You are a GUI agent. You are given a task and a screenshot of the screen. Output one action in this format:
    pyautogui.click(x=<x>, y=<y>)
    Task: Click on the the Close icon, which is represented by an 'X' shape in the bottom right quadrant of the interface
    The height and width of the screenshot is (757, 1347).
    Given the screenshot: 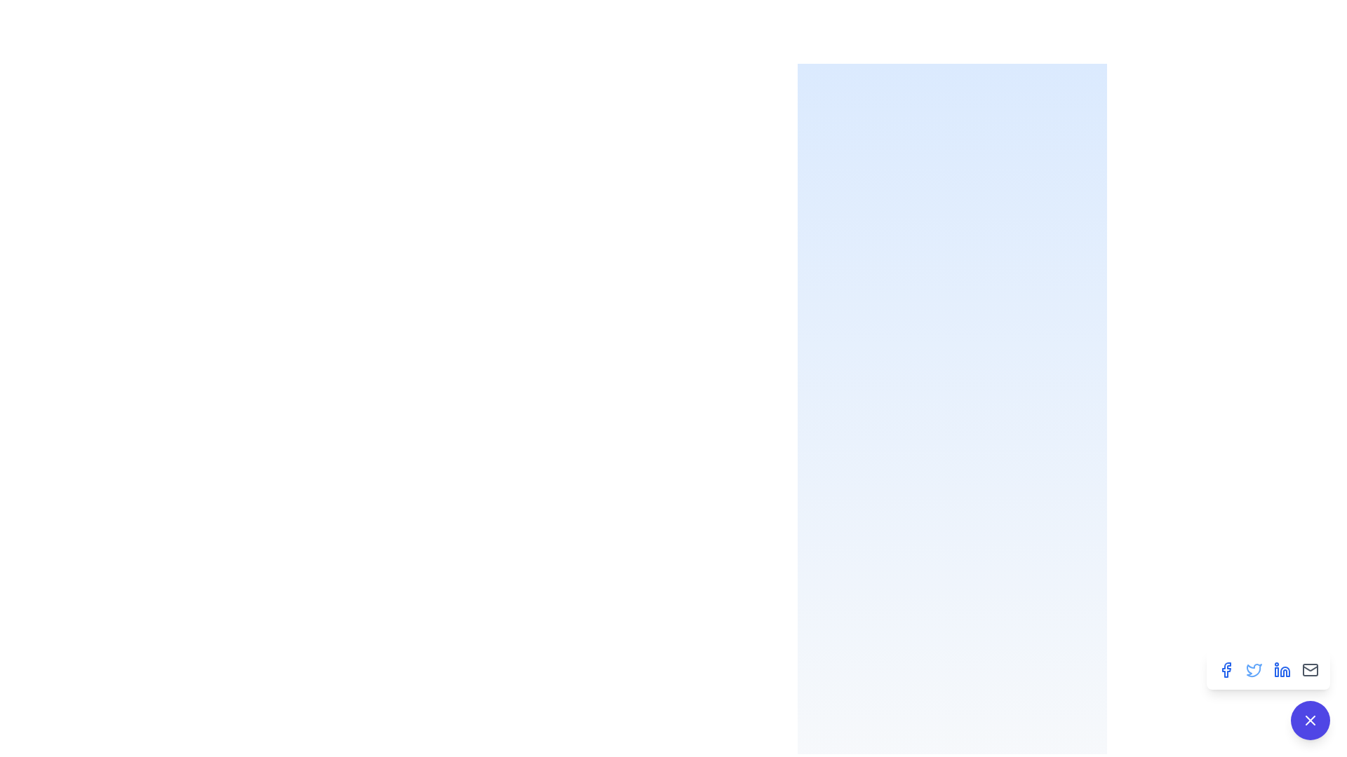 What is the action you would take?
    pyautogui.click(x=1309, y=721)
    